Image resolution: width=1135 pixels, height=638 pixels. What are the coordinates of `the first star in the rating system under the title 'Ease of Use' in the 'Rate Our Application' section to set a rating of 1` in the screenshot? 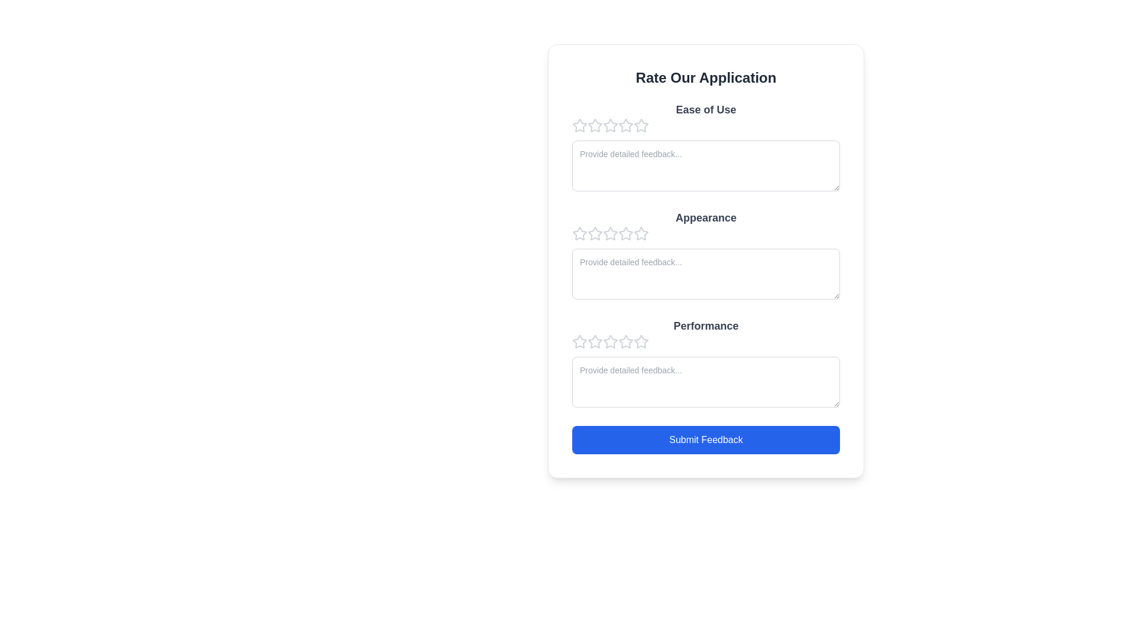 It's located at (579, 125).